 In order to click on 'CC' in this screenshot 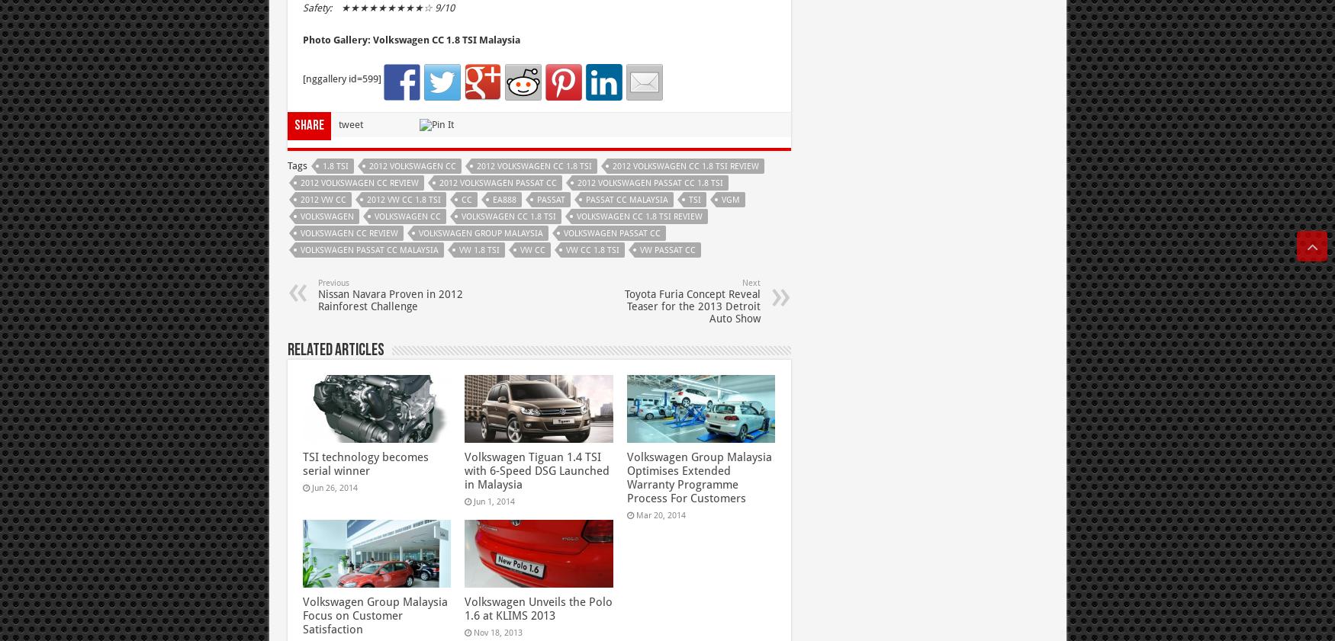, I will do `click(465, 198)`.